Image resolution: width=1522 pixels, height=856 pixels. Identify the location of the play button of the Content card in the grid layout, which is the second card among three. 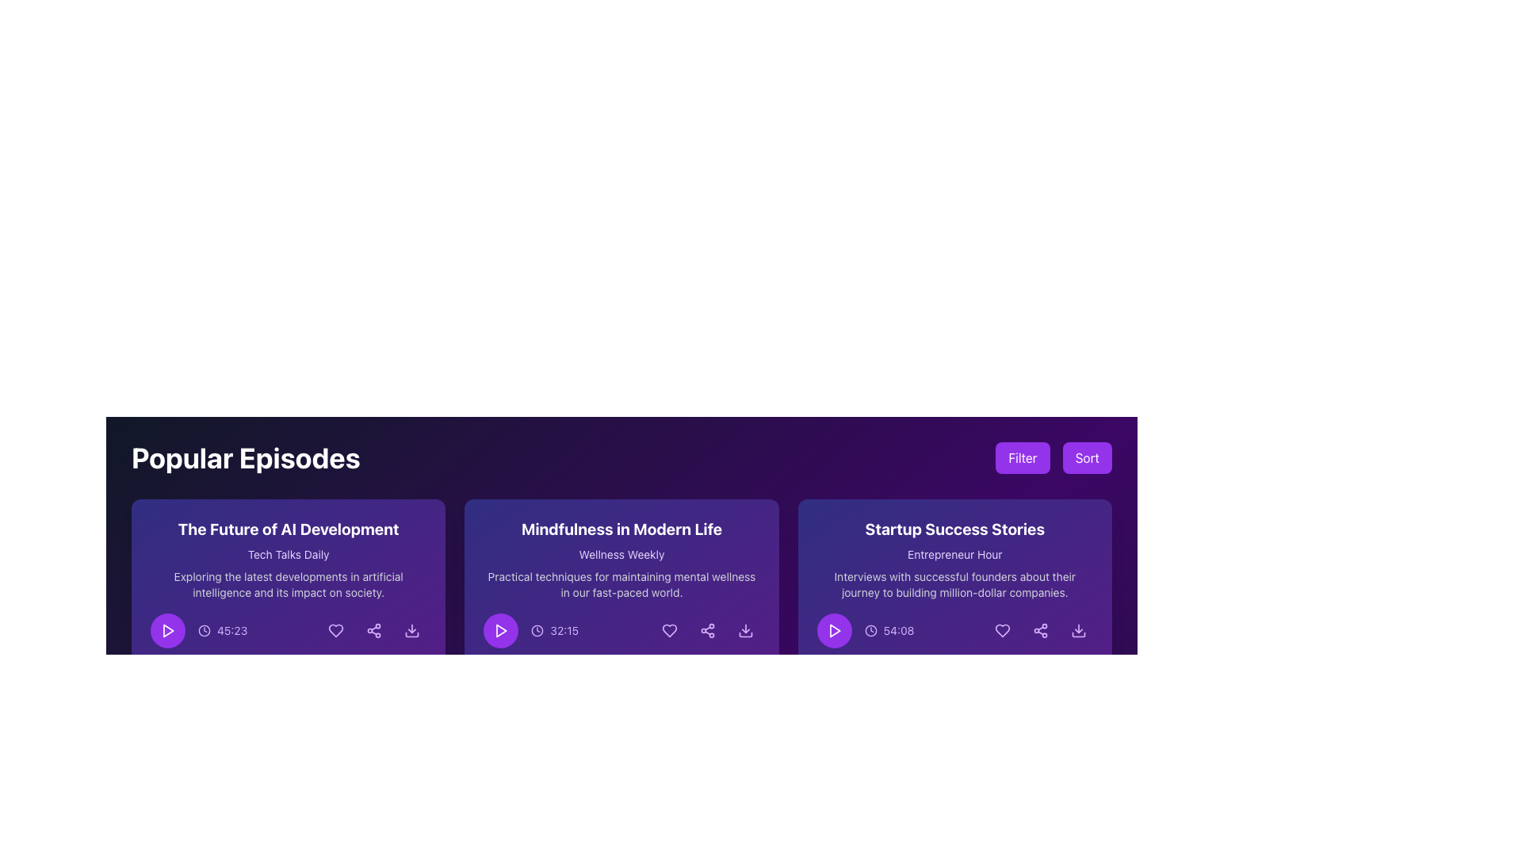
(621, 605).